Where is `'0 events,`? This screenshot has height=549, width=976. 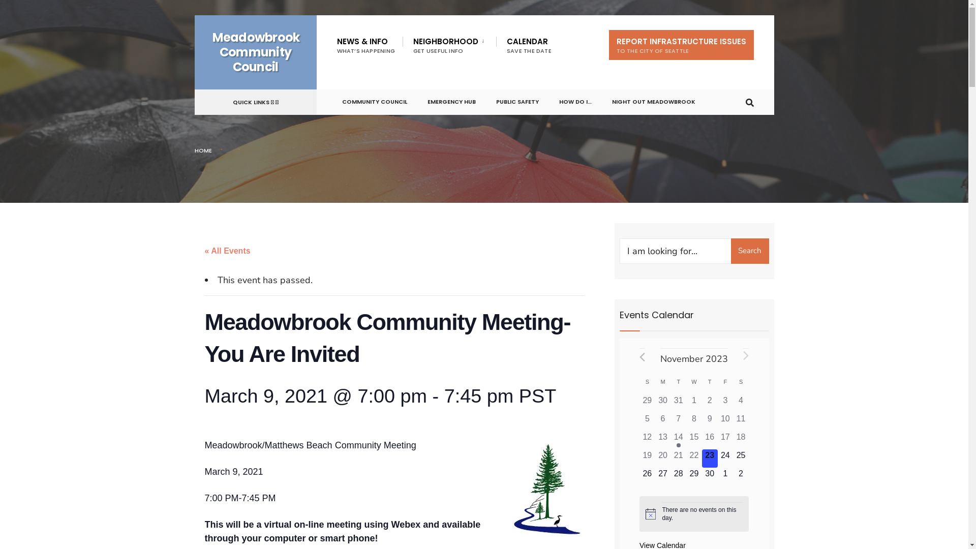 '0 events, is located at coordinates (709, 403).